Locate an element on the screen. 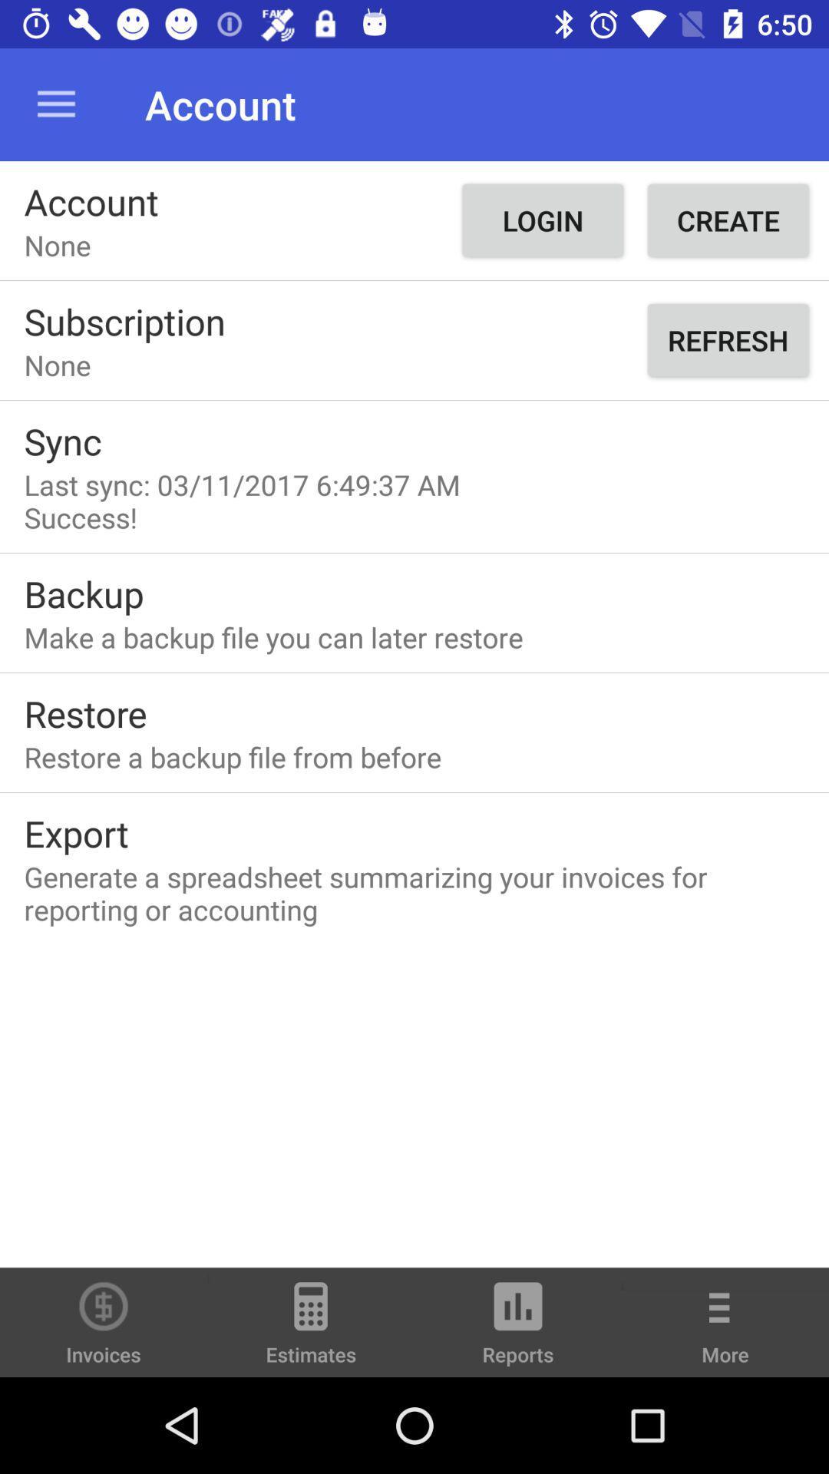 The image size is (829, 1474). the icon next to account icon is located at coordinates (55, 104).